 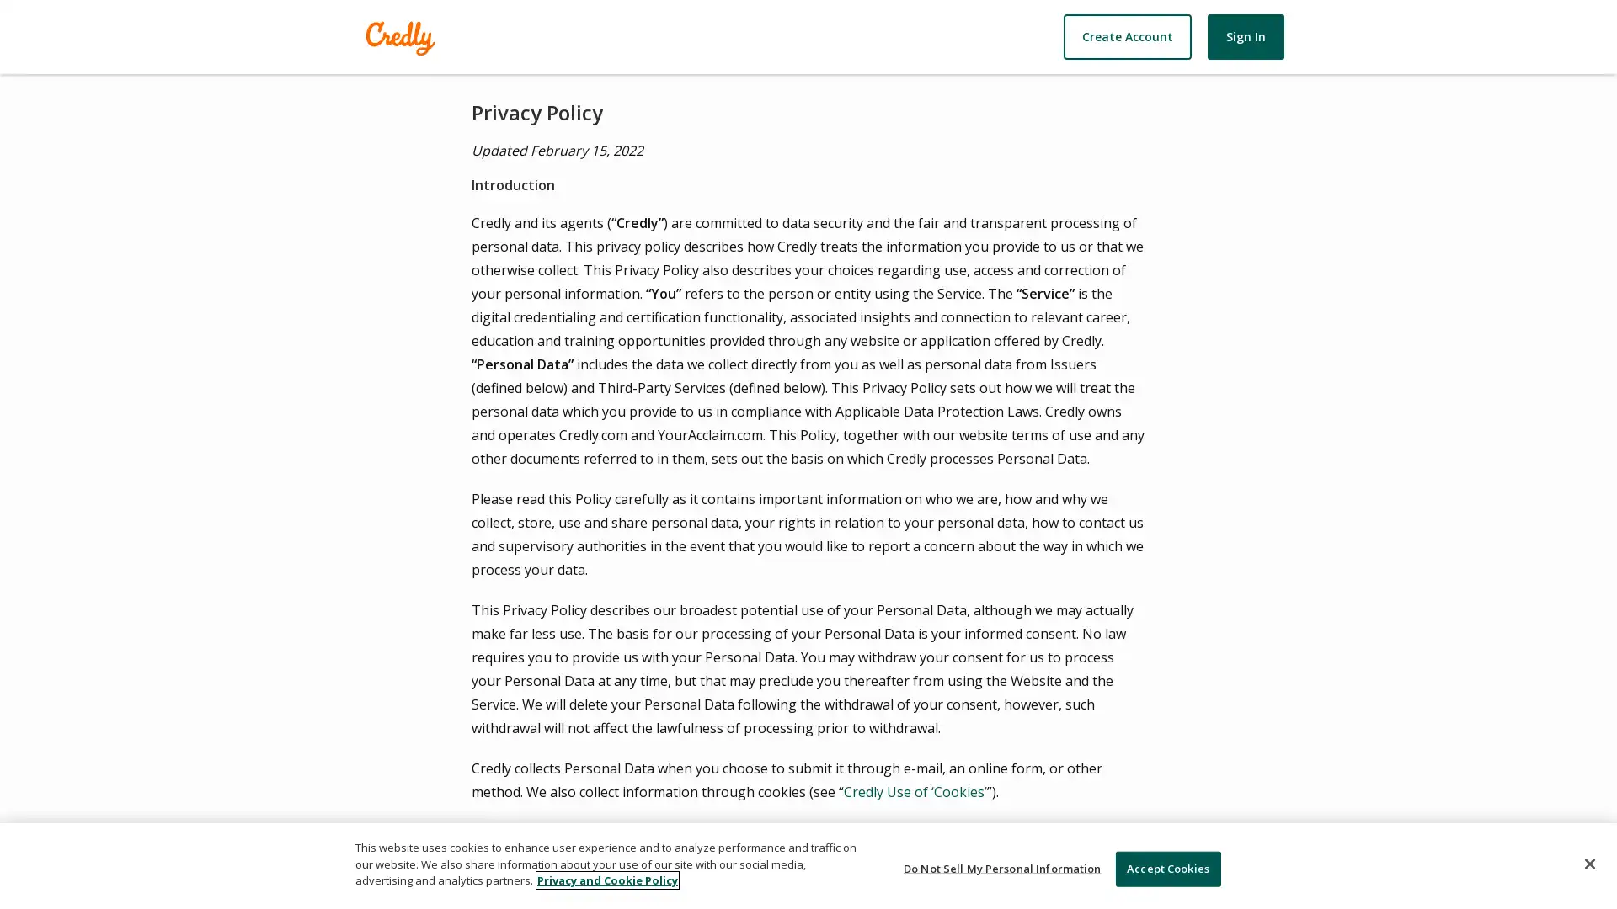 What do you see at coordinates (1002, 869) in the screenshot?
I see `Do Not Sell My Personal Information` at bounding box center [1002, 869].